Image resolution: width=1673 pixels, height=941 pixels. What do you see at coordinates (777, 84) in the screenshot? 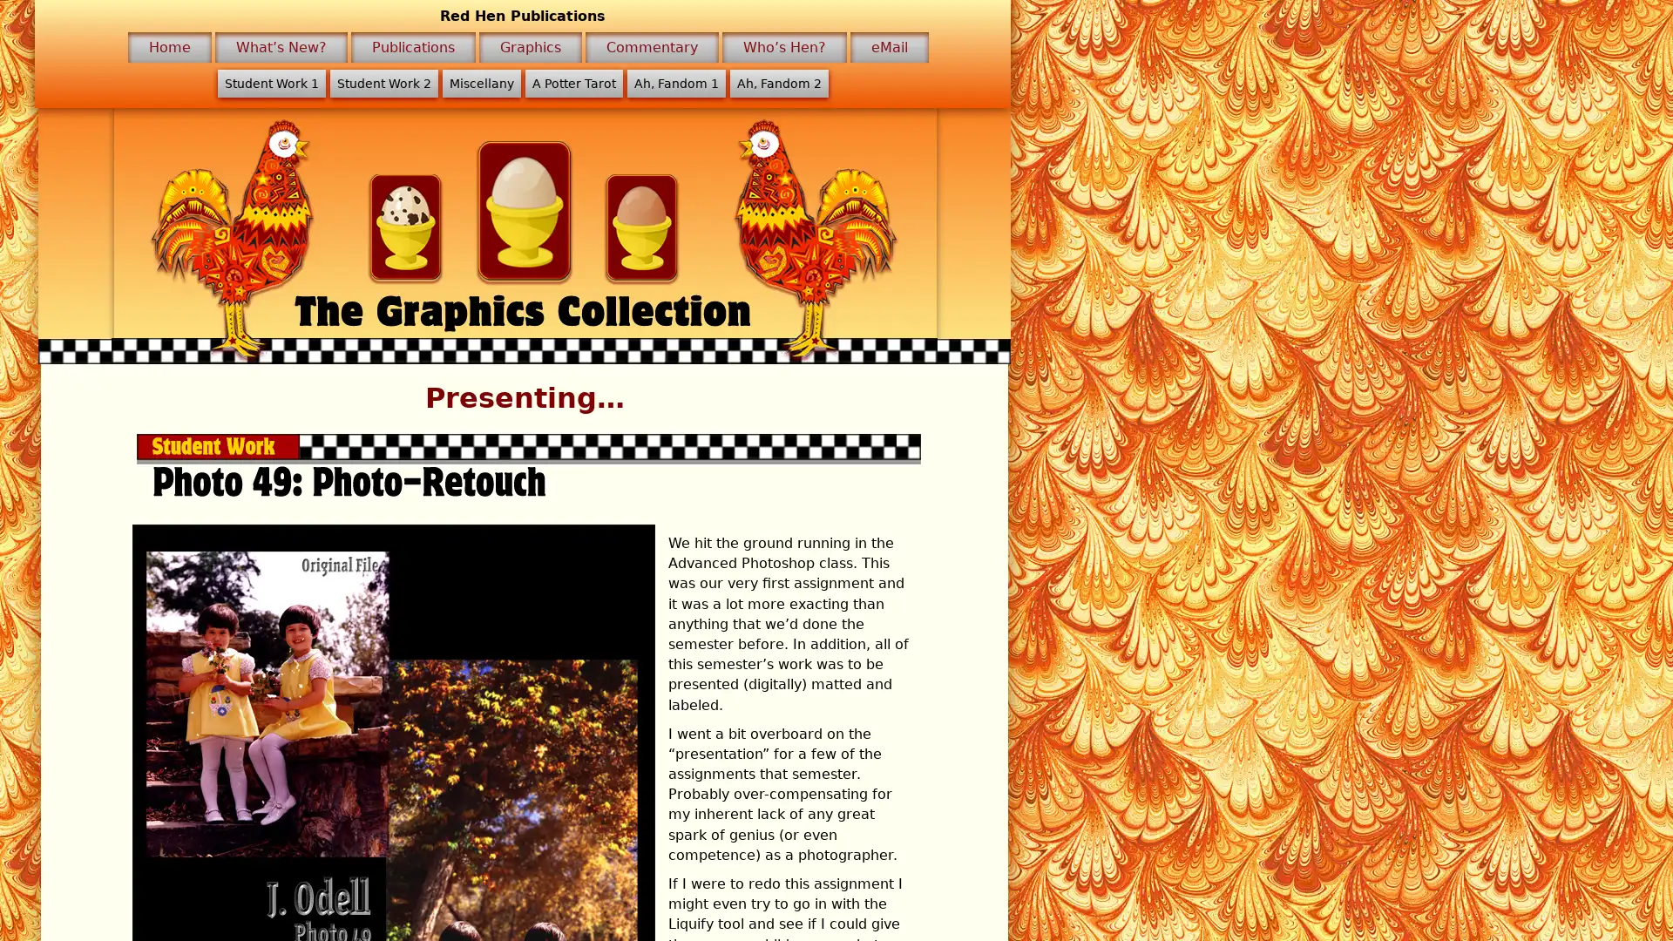
I see `Ah, Fandom 2` at bounding box center [777, 84].